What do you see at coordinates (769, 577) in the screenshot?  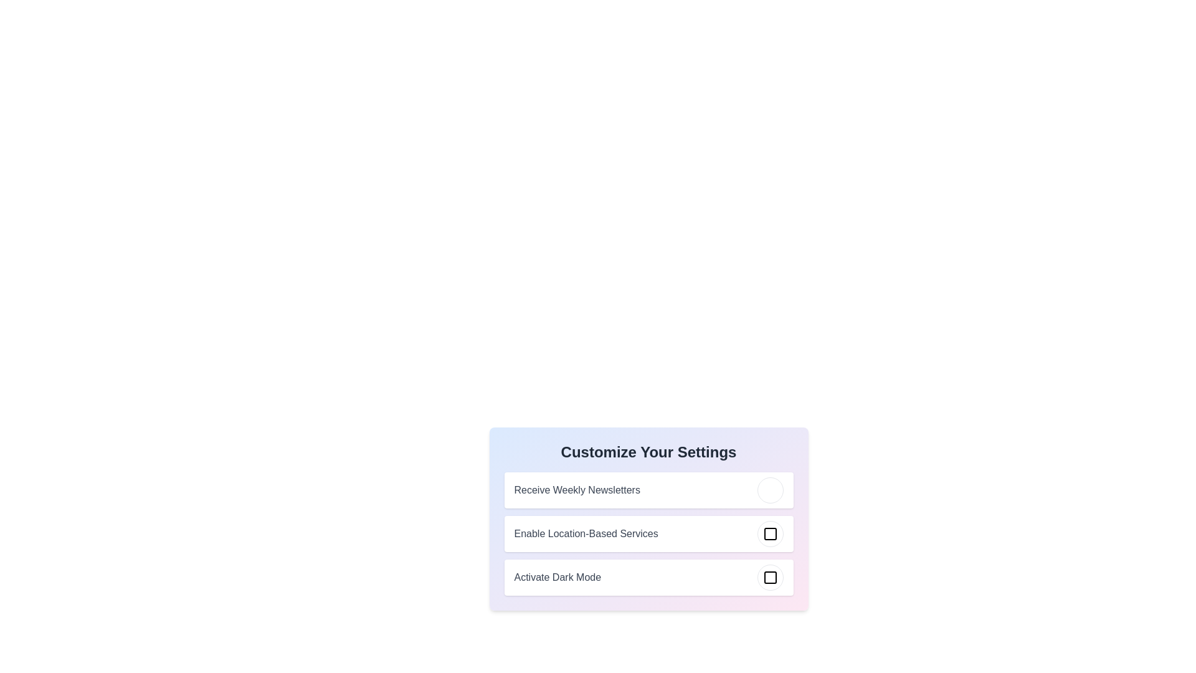 I see `the toggle button located to the far-right of the 'Activate Dark Mode' text label` at bounding box center [769, 577].